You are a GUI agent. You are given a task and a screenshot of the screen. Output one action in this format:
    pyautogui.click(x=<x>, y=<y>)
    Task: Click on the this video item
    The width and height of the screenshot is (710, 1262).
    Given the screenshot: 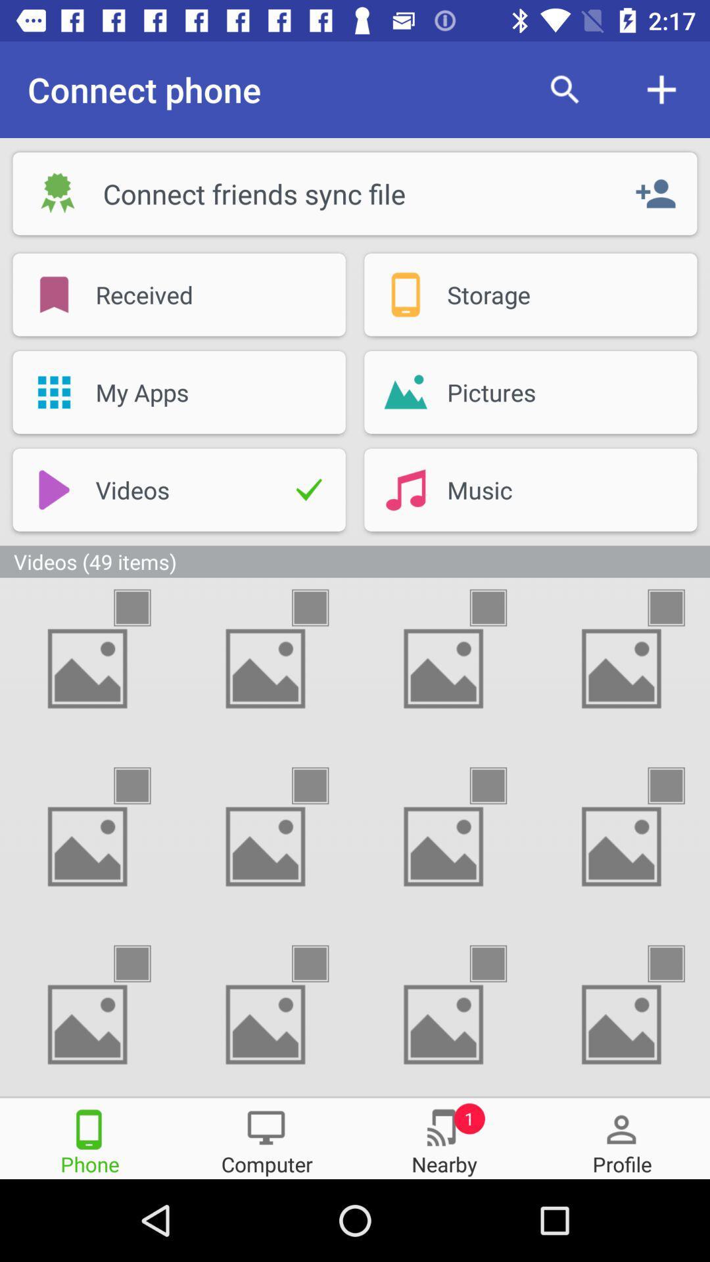 What is the action you would take?
    pyautogui.click(x=678, y=607)
    